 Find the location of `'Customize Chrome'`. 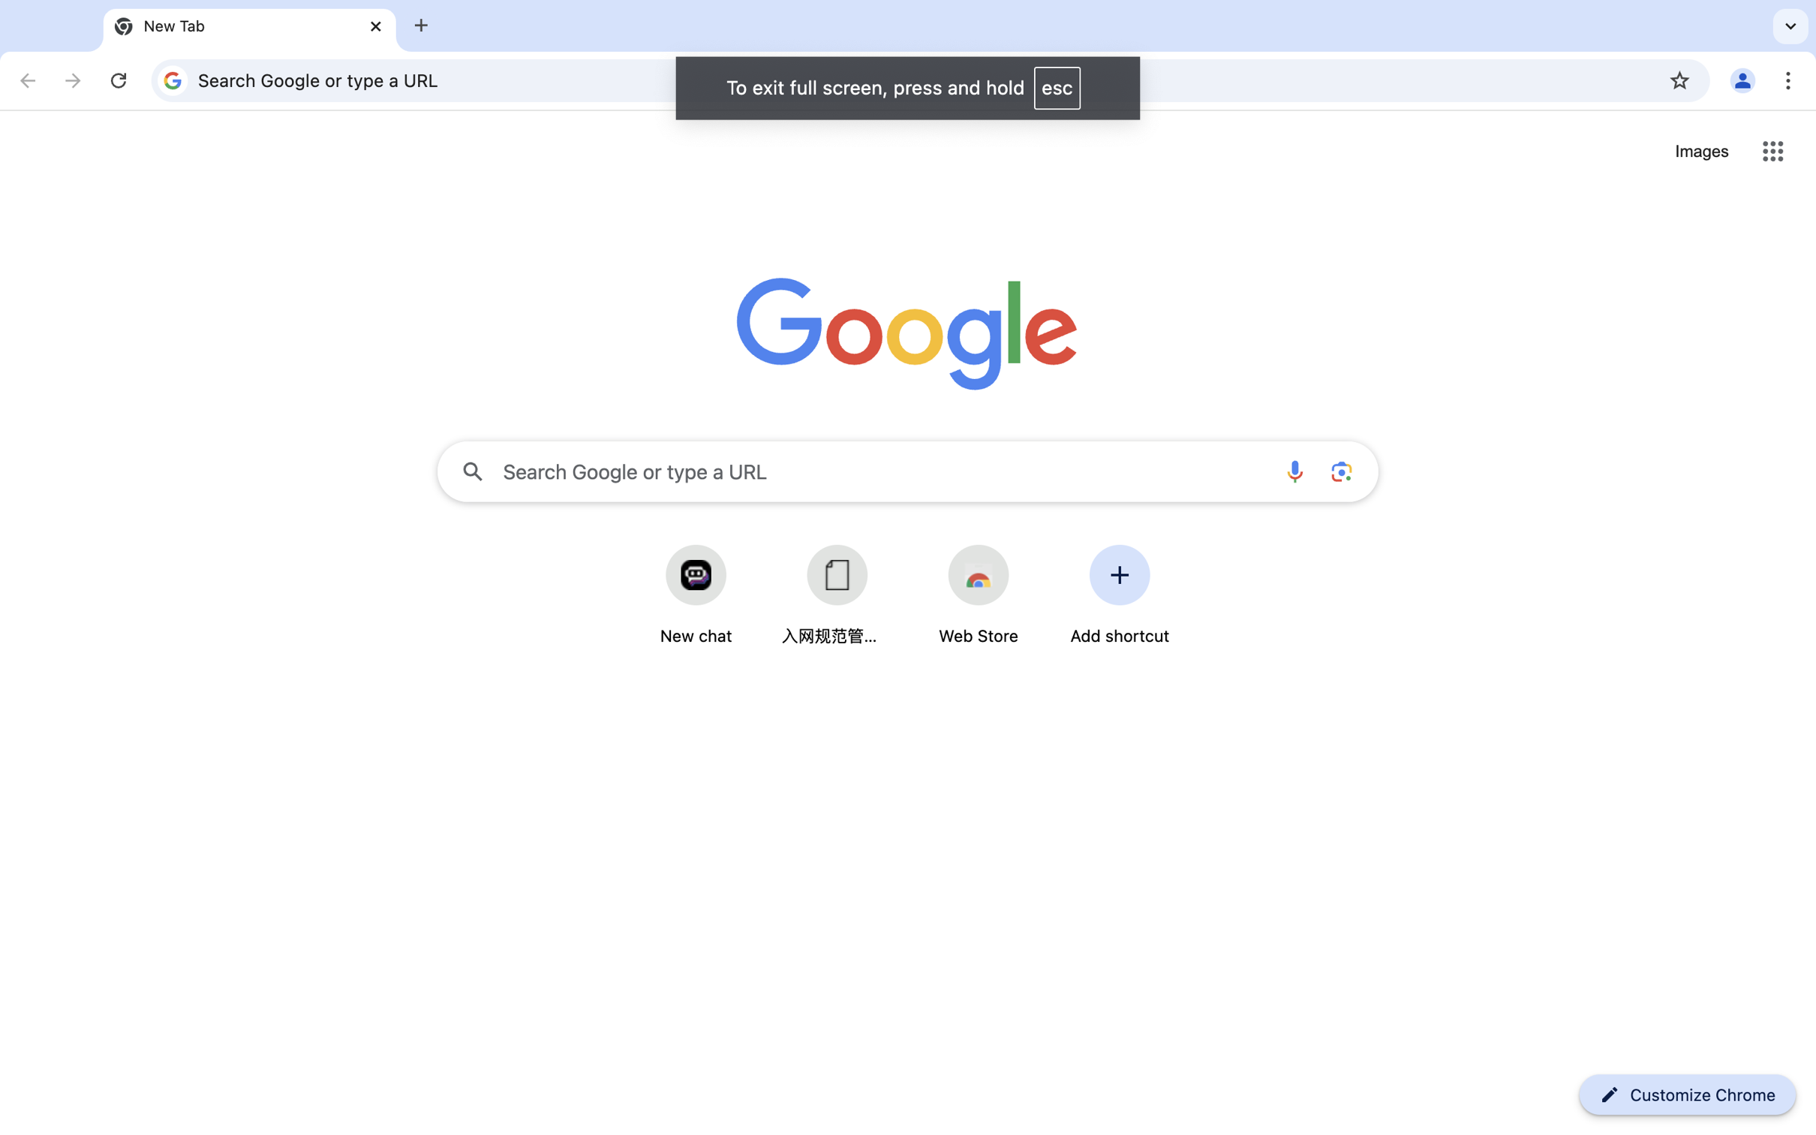

'Customize Chrome' is located at coordinates (1703, 1094).